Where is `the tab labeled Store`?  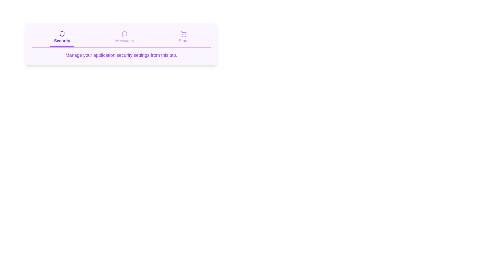 the tab labeled Store is located at coordinates (183, 38).